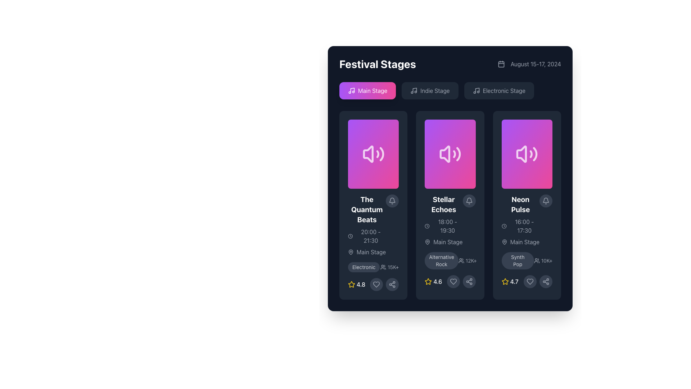 The width and height of the screenshot is (691, 389). What do you see at coordinates (501, 63) in the screenshot?
I see `the calendar icon located in the top right section of the interface, which visually represents the date range 'August 15-17, 2024'` at bounding box center [501, 63].